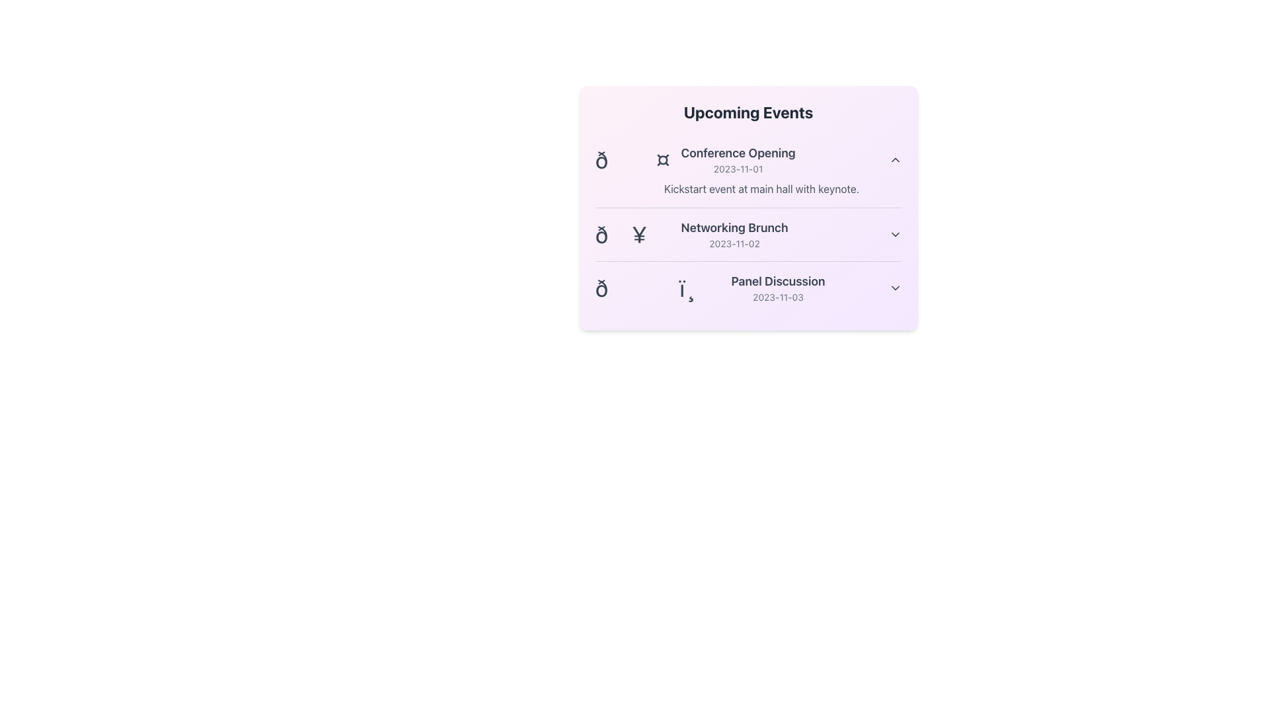  I want to click on the collapsible section header for the 'Conference Opening' event, so click(748, 159).